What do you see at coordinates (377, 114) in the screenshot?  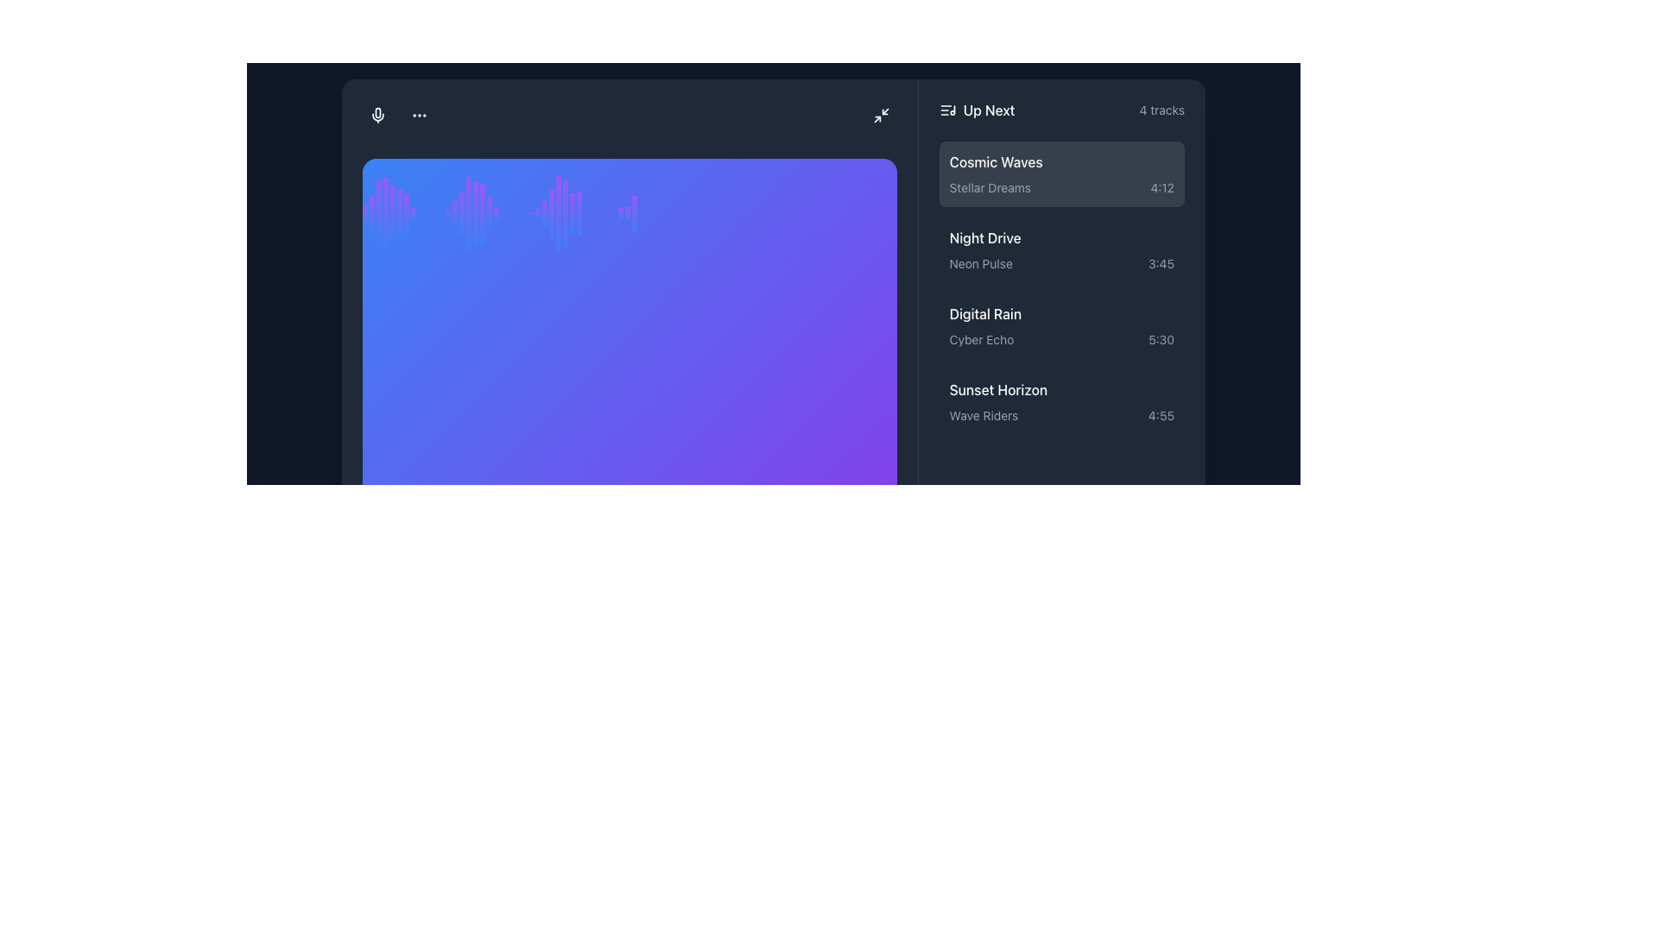 I see `the circular microphone button with a white icon on a dark background located in the upper-left section of the interface` at bounding box center [377, 114].